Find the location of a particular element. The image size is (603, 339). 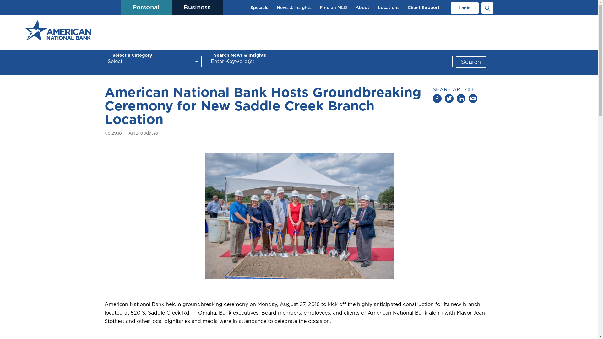

'Client Support' is located at coordinates (423, 7).